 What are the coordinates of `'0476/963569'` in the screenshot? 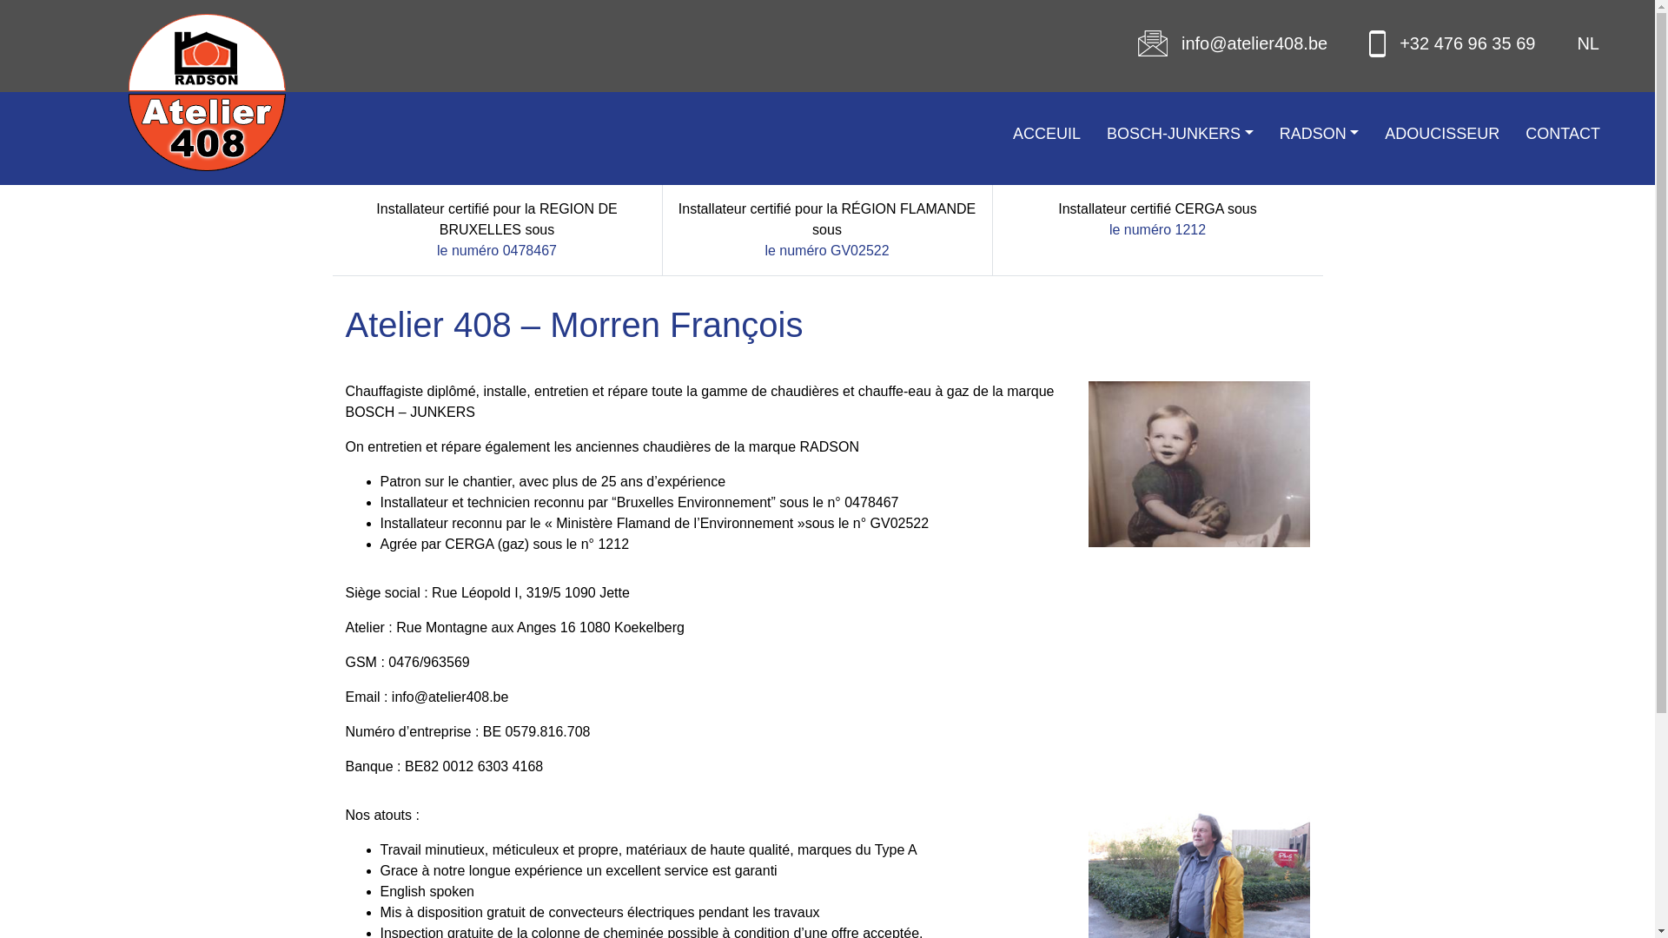 It's located at (428, 662).